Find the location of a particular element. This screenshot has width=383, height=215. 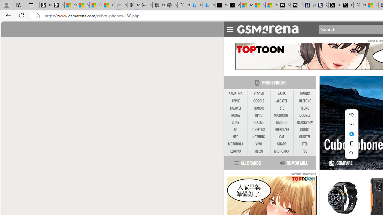

'LG' is located at coordinates (235, 129).